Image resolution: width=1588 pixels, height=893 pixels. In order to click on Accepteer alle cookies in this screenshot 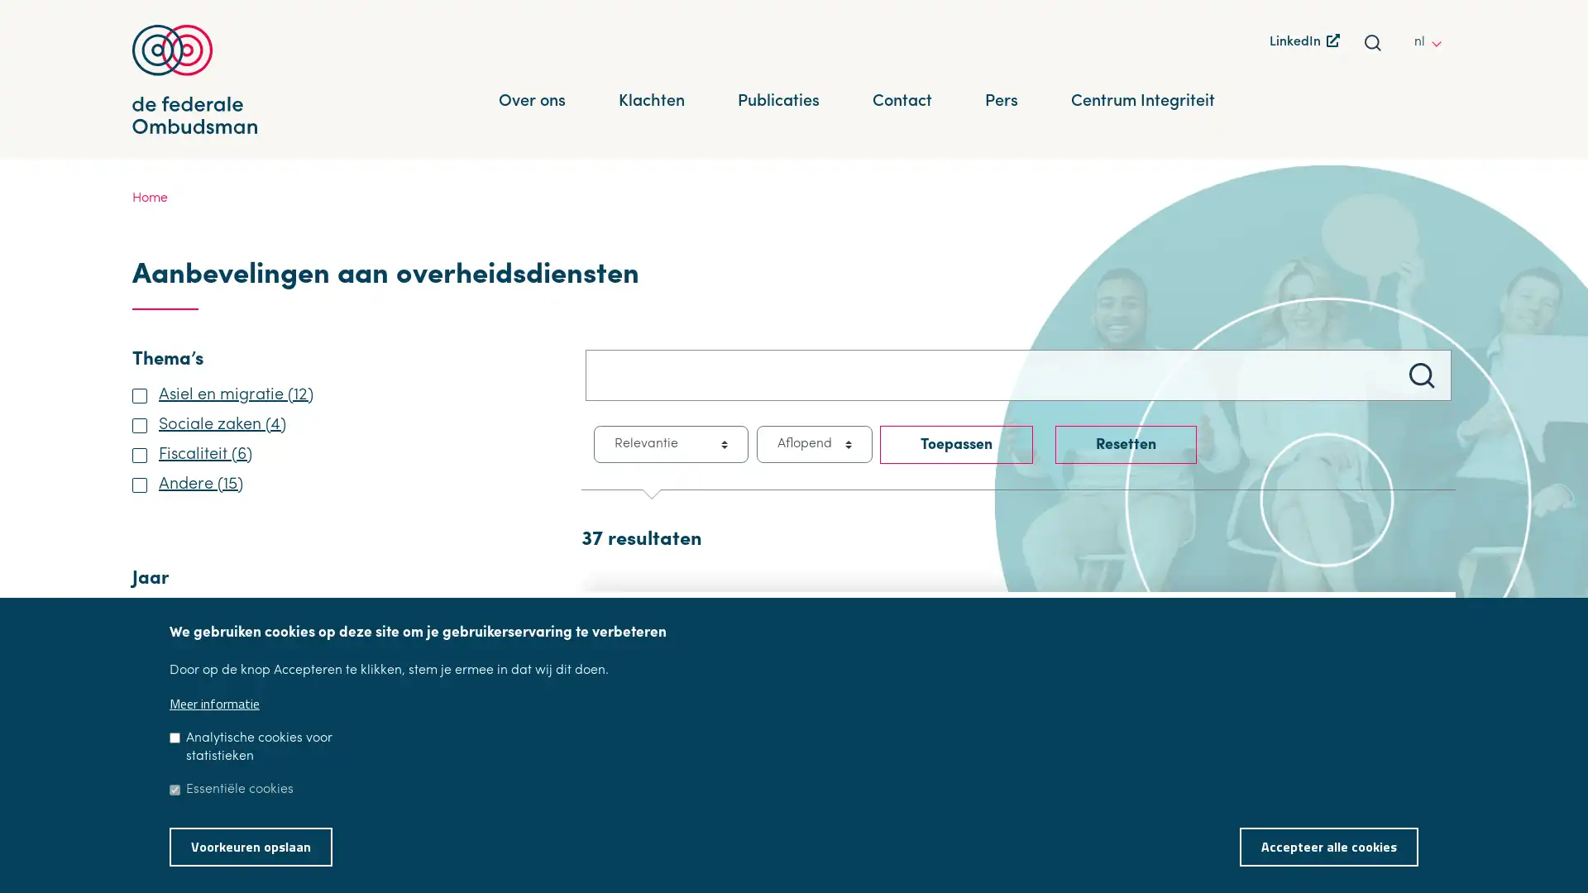, I will do `click(1329, 846)`.